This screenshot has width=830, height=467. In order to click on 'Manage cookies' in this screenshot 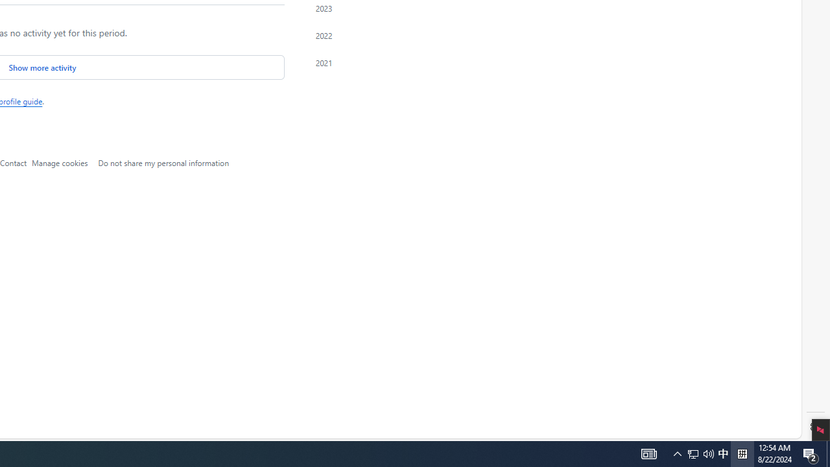, I will do `click(59, 162)`.